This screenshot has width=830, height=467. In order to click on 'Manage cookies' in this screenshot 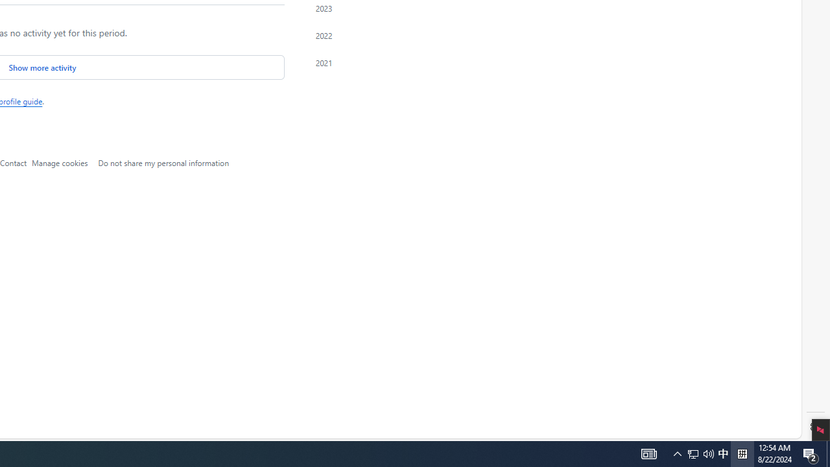, I will do `click(59, 162)`.